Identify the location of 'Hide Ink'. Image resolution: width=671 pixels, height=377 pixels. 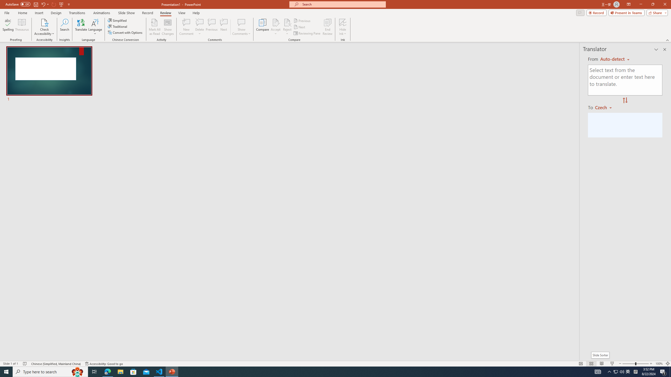
(343, 27).